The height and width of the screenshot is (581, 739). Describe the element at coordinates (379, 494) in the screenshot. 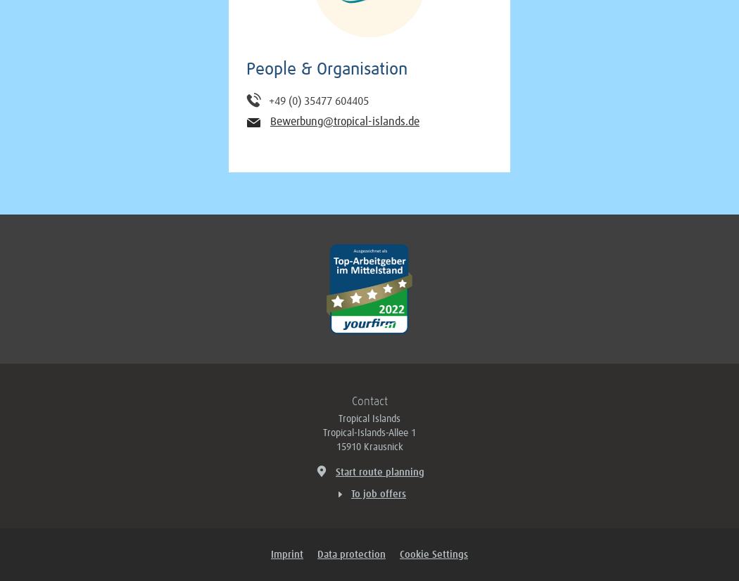

I see `'To job offers'` at that location.